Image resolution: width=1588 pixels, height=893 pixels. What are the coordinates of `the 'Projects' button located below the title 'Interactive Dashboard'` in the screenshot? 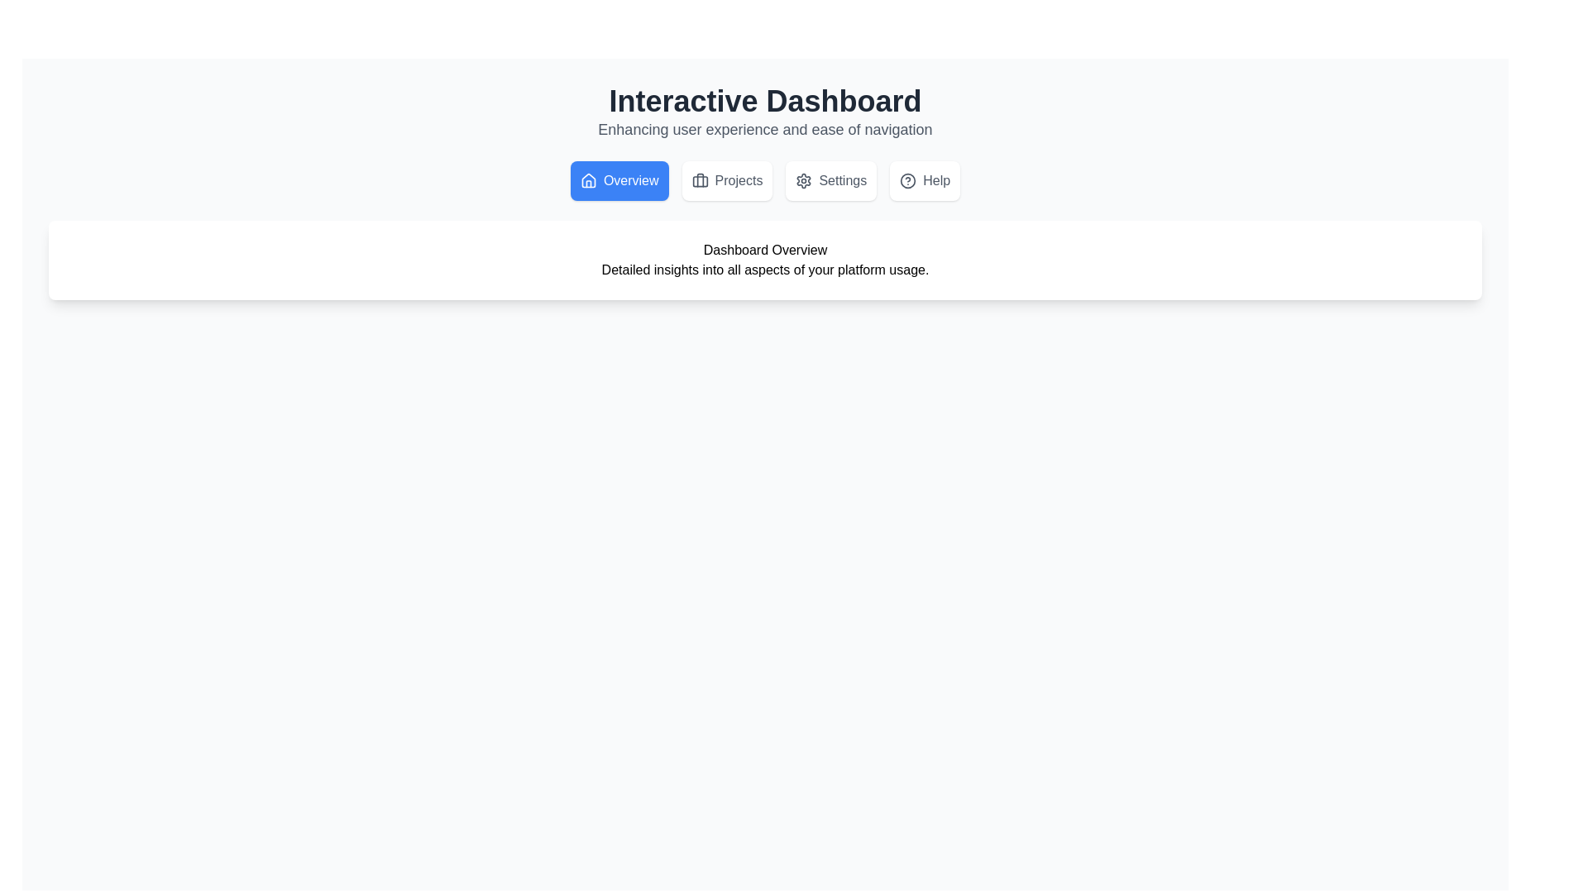 It's located at (727, 181).